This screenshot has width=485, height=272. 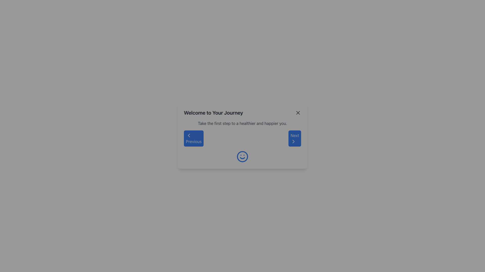 What do you see at coordinates (294, 142) in the screenshot?
I see `the rightward-pointing chevron icon within the 'Next' button` at bounding box center [294, 142].